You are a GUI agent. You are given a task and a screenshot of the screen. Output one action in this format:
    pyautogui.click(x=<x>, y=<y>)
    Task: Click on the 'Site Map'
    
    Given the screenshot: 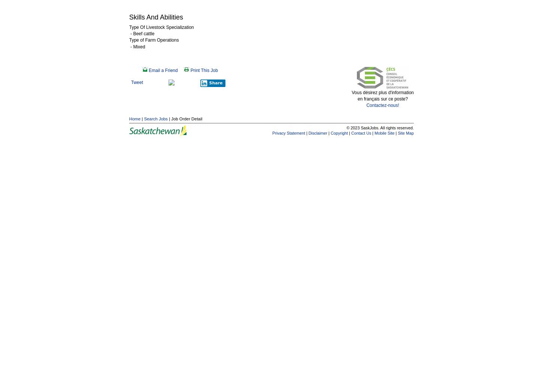 What is the action you would take?
    pyautogui.click(x=406, y=132)
    